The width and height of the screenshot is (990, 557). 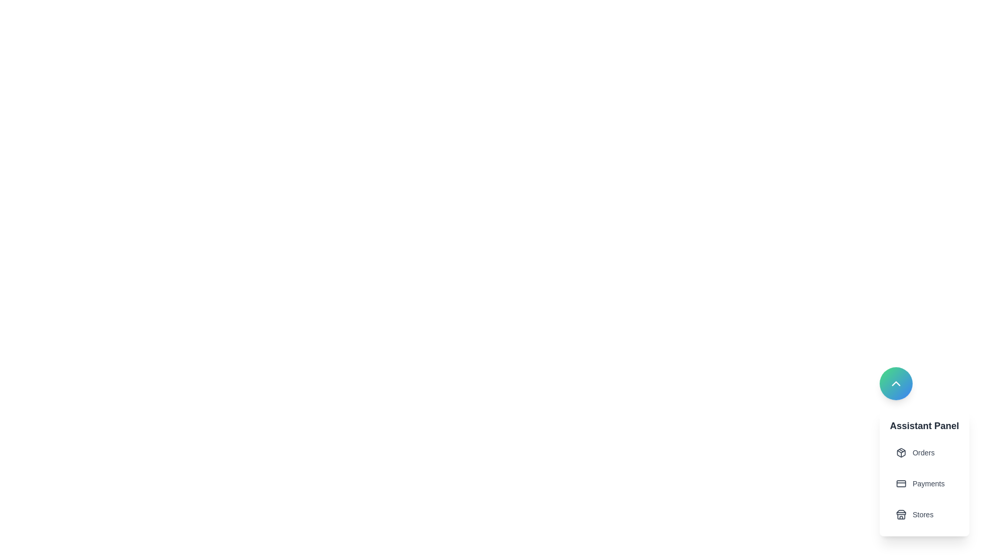 What do you see at coordinates (895, 384) in the screenshot?
I see `toggle button to toggle the visibility of the assistant panel` at bounding box center [895, 384].